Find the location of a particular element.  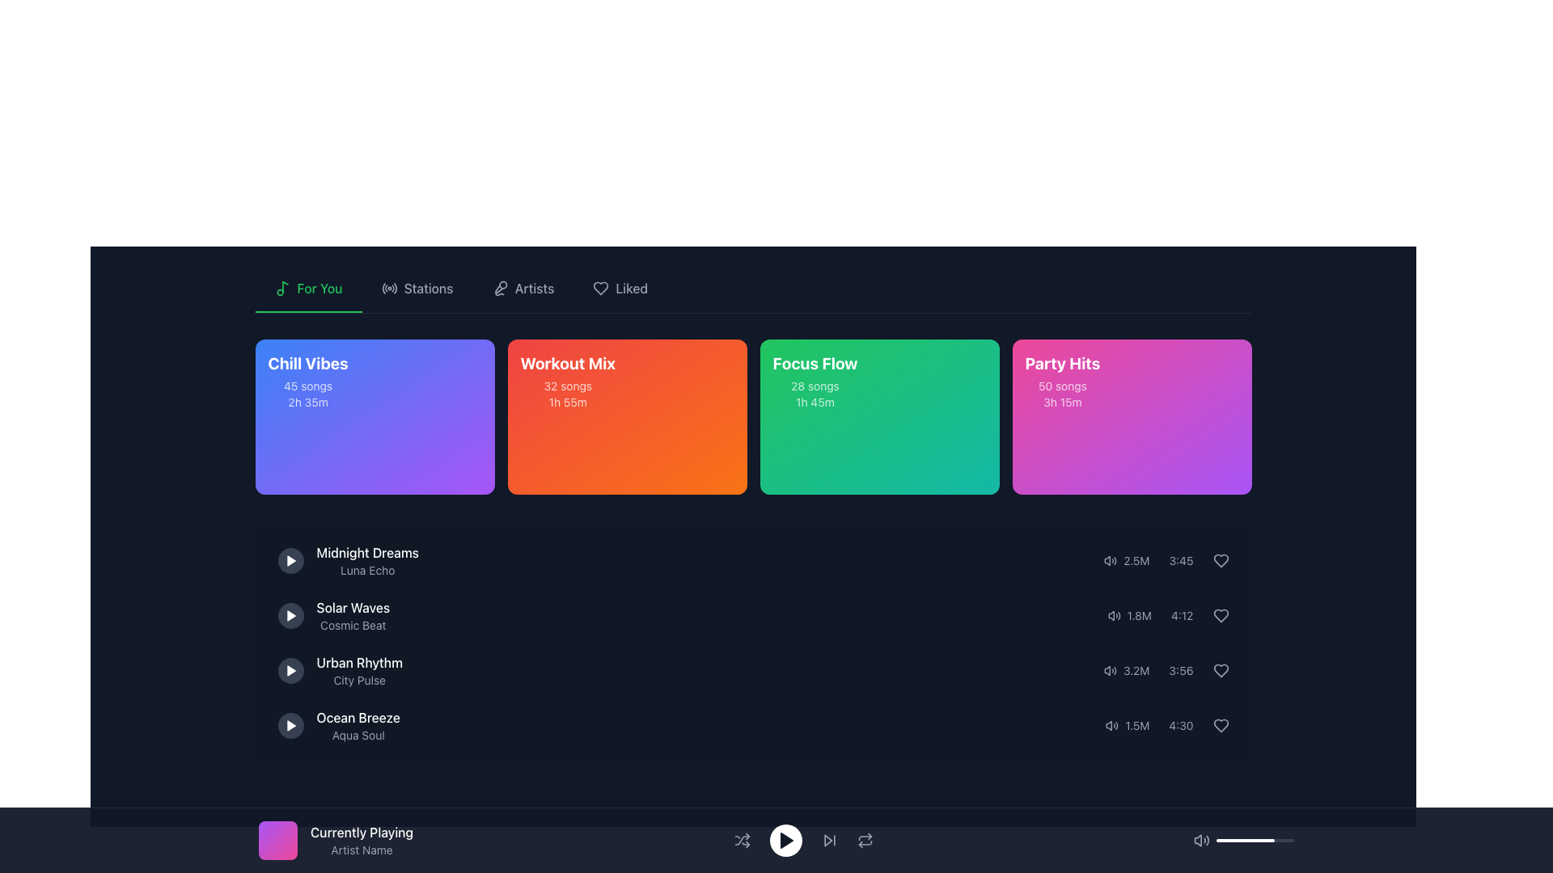

the text display showing 'Artist Name' located below the 'Currently Playing' text in the bottom bar of the interface is located at coordinates (361, 850).